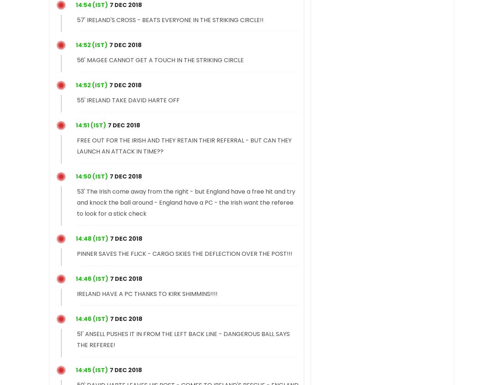 This screenshot has height=385, width=503. I want to click on '20:24 (IST)', so click(92, 4).